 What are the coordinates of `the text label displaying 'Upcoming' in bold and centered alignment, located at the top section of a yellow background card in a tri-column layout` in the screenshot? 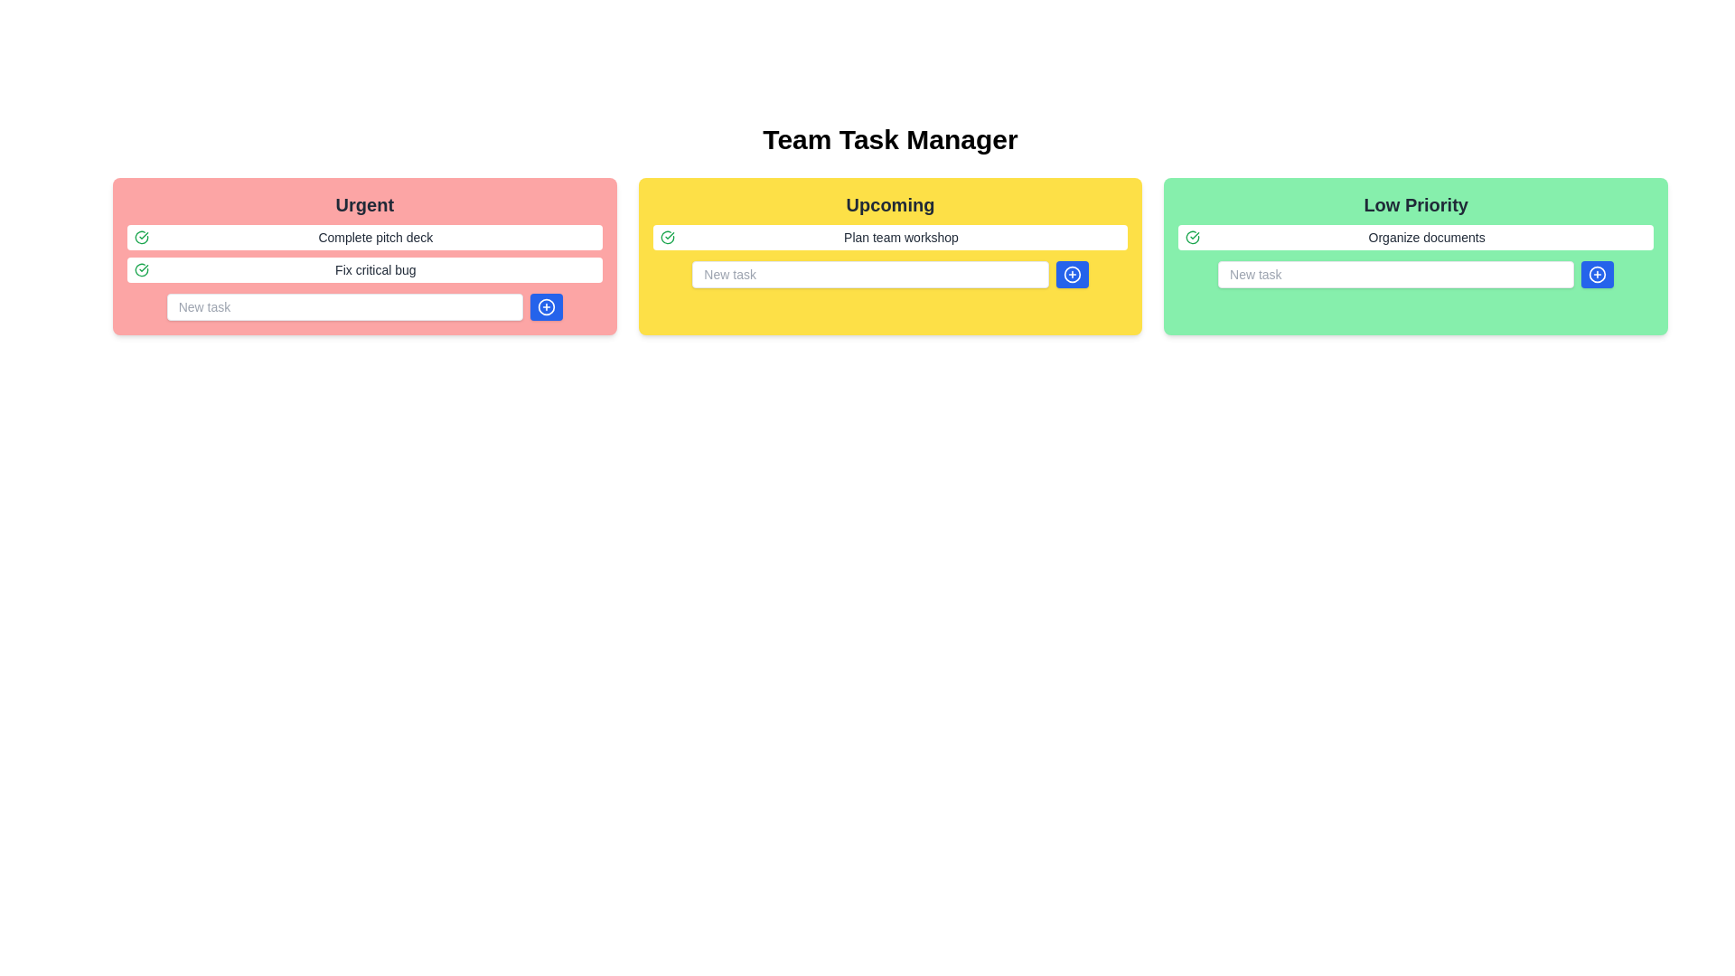 It's located at (890, 204).